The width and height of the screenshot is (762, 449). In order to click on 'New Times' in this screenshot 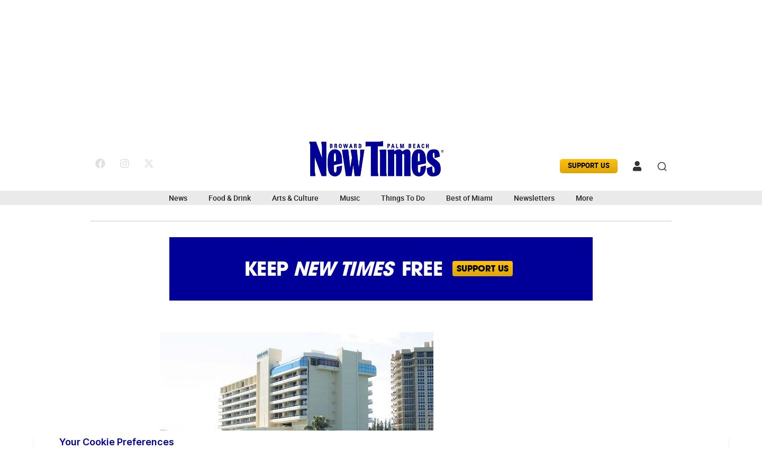, I will do `click(342, 268)`.